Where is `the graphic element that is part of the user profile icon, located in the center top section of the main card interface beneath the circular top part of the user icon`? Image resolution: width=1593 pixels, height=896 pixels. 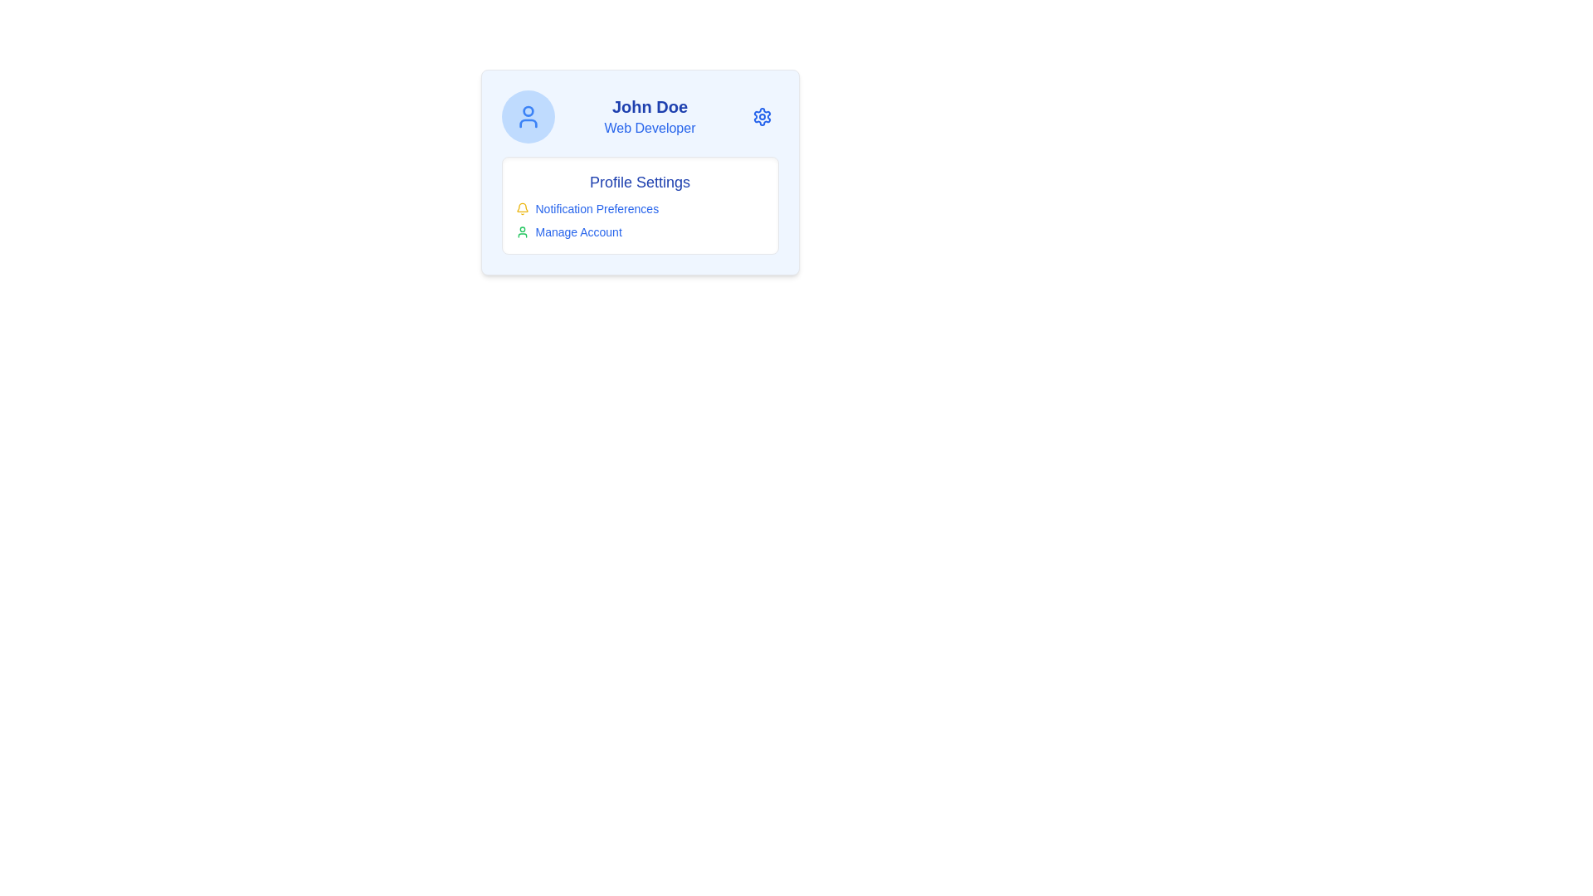 the graphic element that is part of the user profile icon, located in the center top section of the main card interface beneath the circular top part of the user icon is located at coordinates (527, 123).